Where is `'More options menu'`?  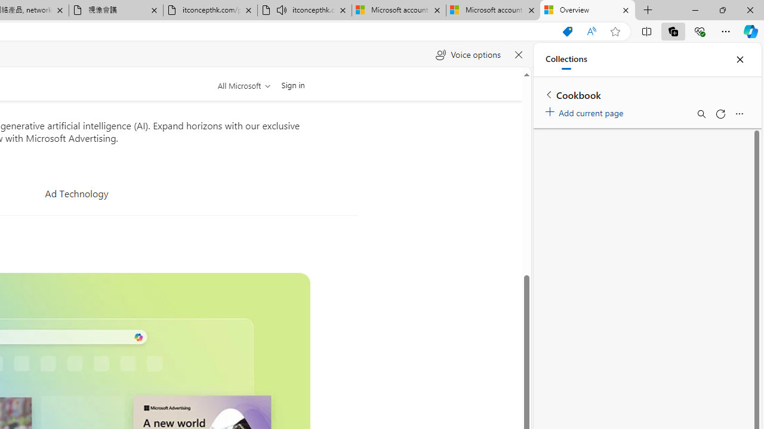 'More options menu' is located at coordinates (738, 114).